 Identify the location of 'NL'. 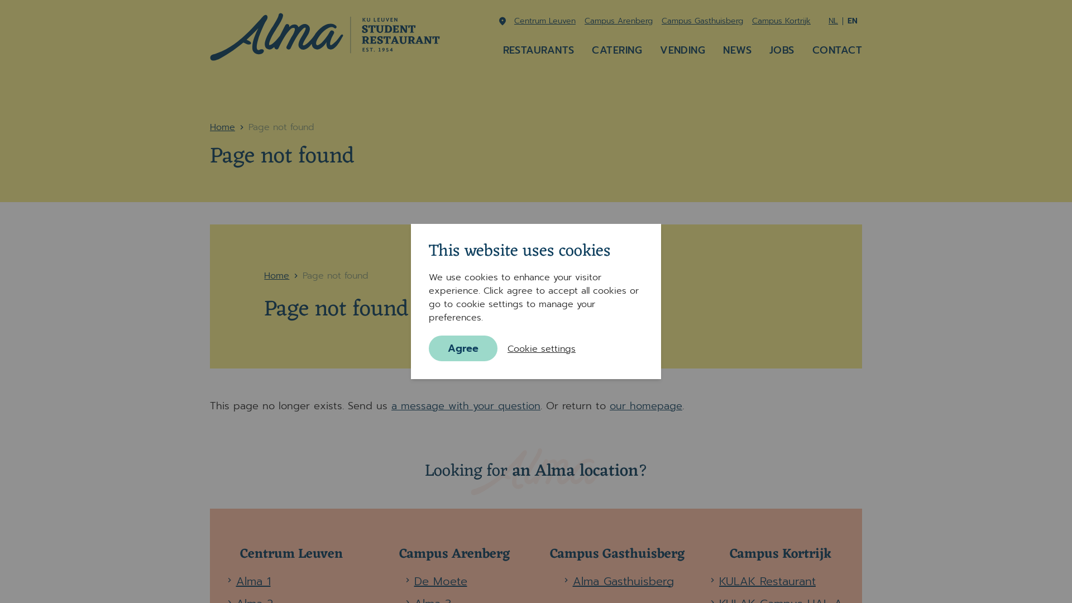
(833, 21).